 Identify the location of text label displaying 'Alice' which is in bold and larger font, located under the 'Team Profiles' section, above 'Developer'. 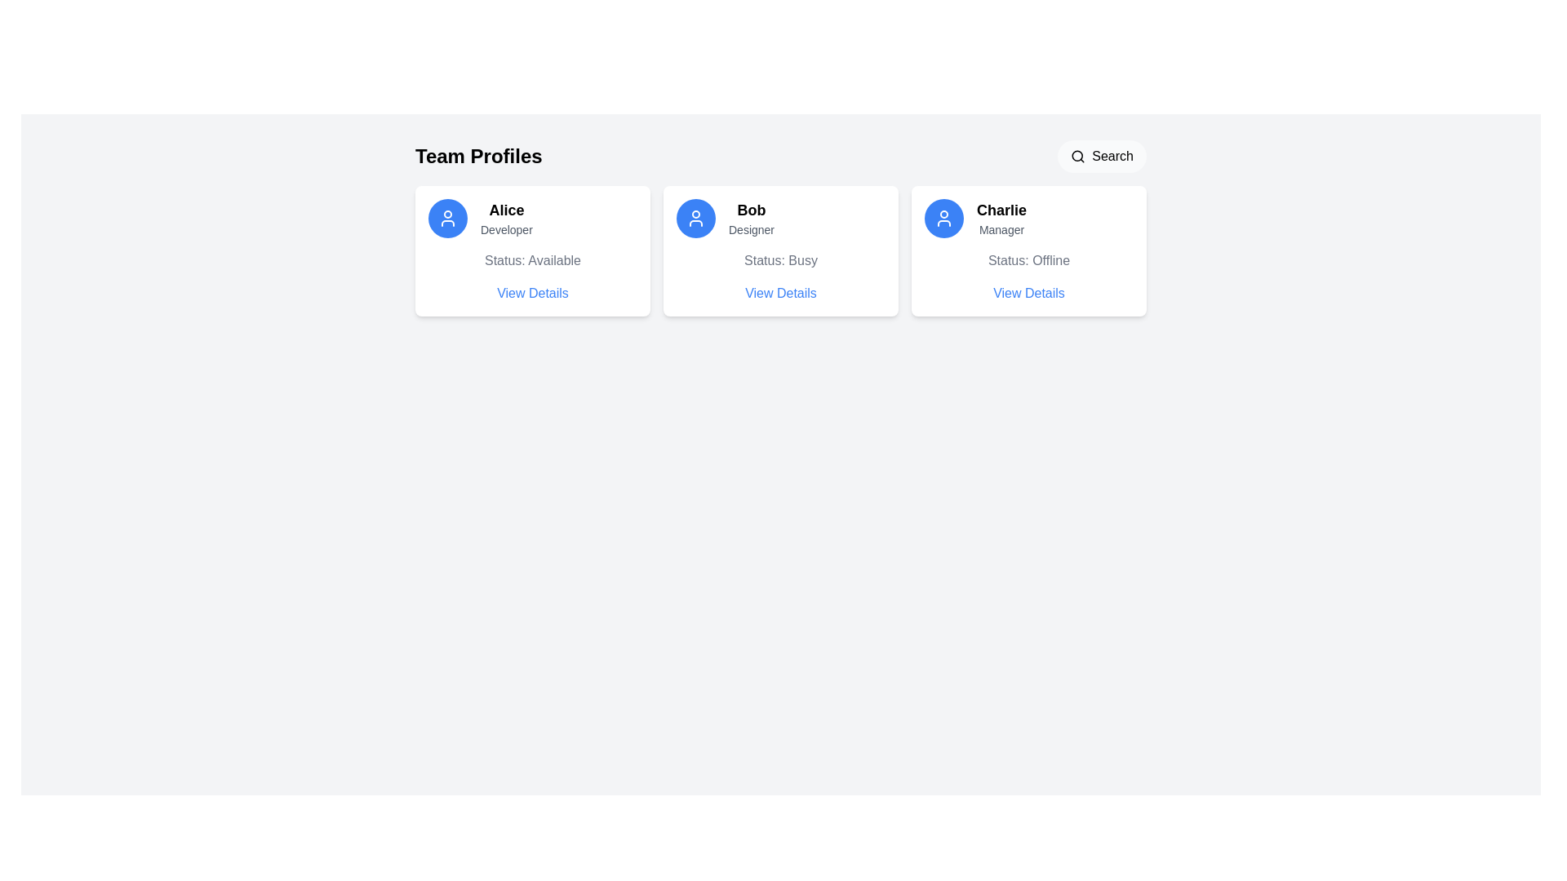
(505, 210).